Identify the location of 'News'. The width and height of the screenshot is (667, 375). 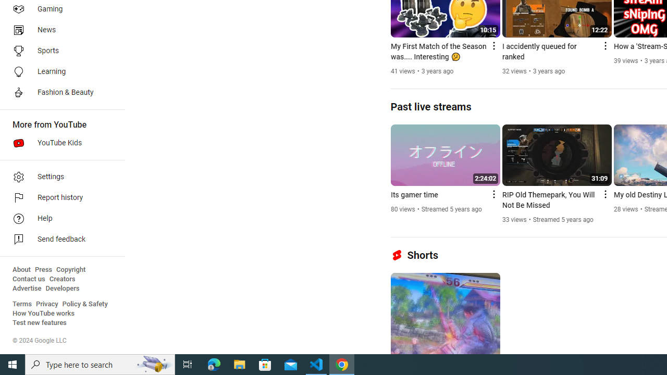
(58, 29).